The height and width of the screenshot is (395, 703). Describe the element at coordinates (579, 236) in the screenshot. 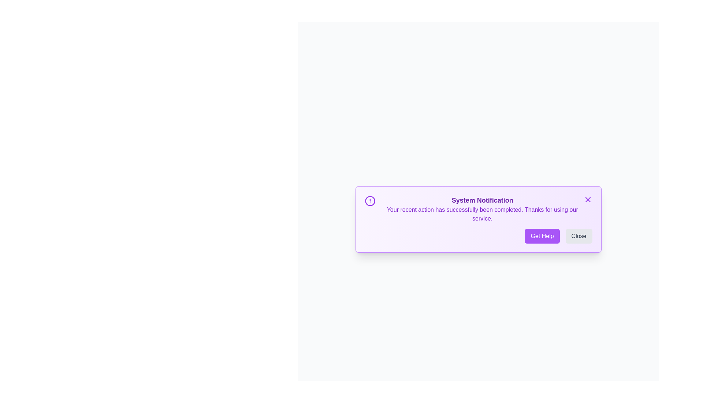

I see `the button labeled 'Close' located in the bottom-right corner of the notification dialog box` at that location.